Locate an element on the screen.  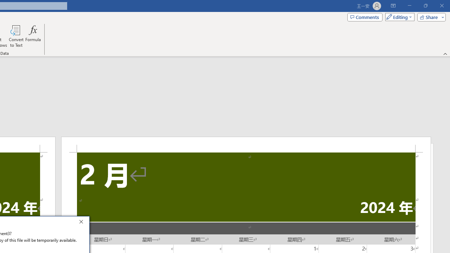
'Minimize' is located at coordinates (409, 6).